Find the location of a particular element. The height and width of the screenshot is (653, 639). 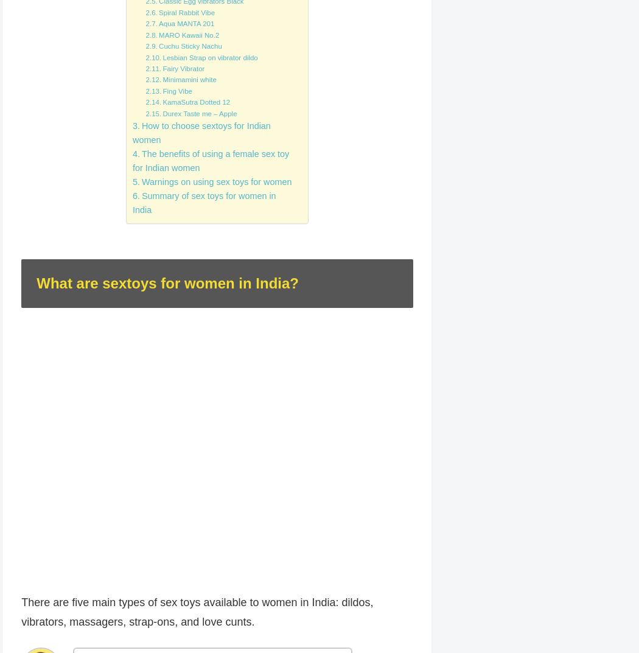

'Summary of sex toys for women in India' is located at coordinates (204, 203).